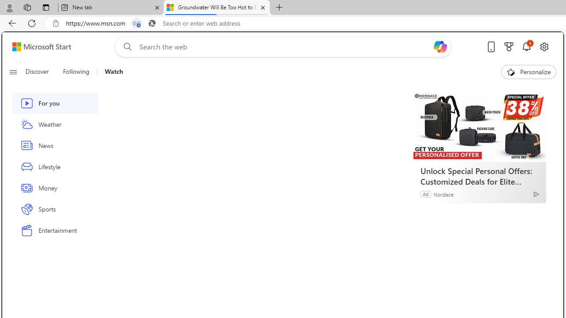 The image size is (566, 318). Describe the element at coordinates (136, 23) in the screenshot. I see `'Tabs in split screen'` at that location.